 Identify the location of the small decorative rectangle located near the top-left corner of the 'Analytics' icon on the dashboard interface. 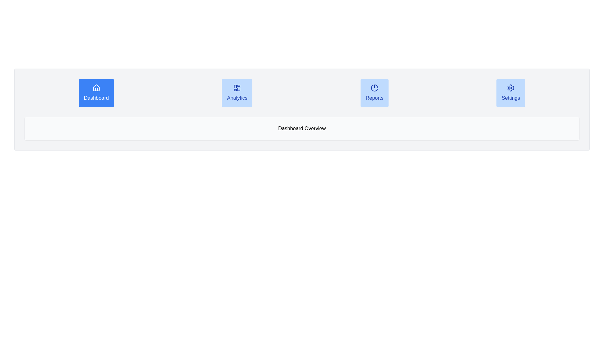
(235, 86).